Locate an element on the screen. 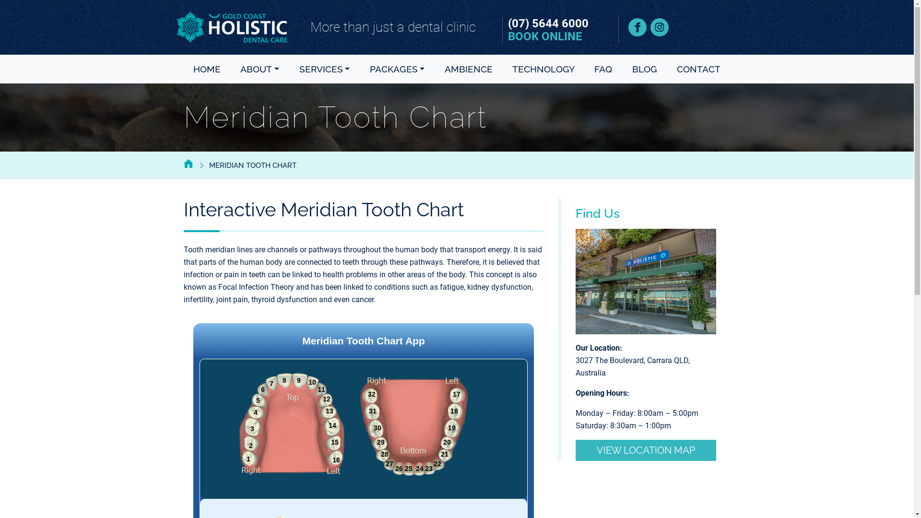 The width and height of the screenshot is (921, 518). 'BLOG' is located at coordinates (645, 69).